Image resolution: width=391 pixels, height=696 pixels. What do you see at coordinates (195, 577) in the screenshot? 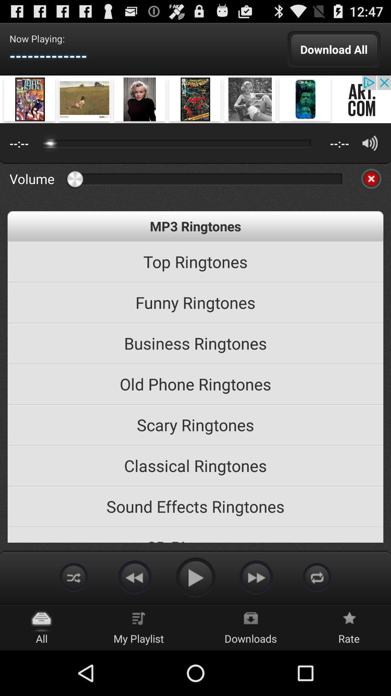
I see `play` at bounding box center [195, 577].